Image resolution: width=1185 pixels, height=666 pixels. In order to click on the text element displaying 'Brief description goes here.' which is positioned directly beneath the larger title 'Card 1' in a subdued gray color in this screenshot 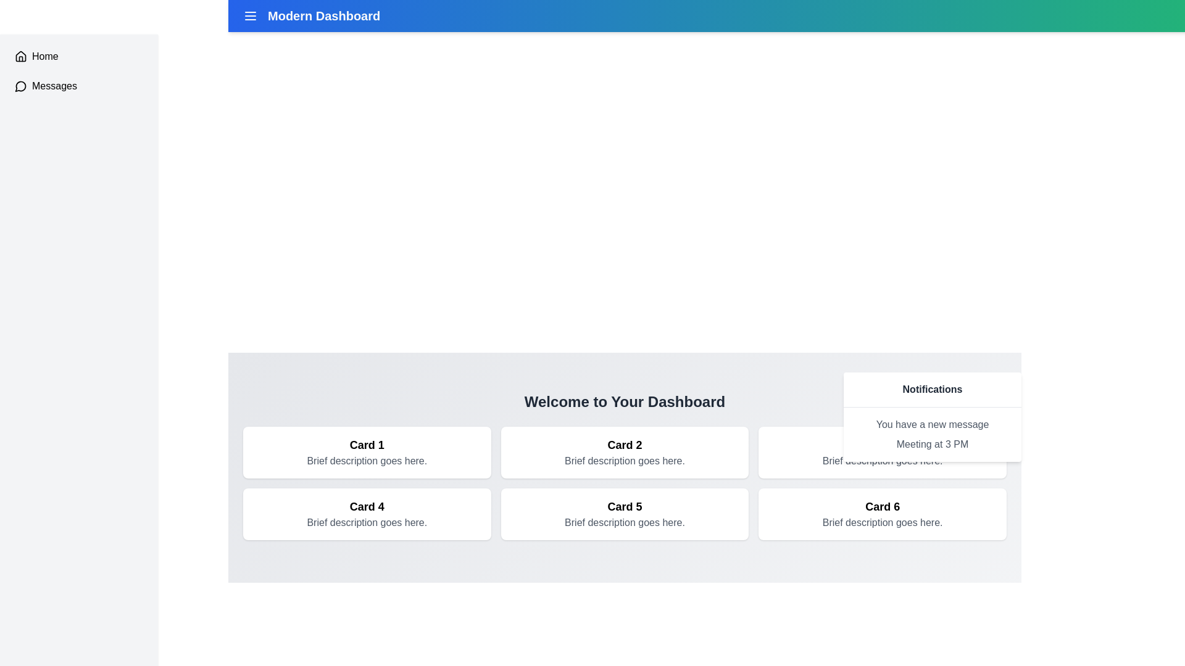, I will do `click(366, 461)`.